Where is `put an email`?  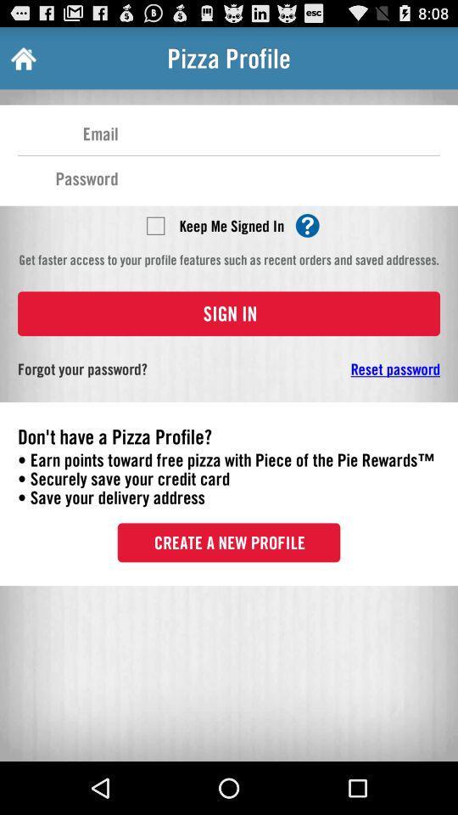
put an email is located at coordinates (279, 132).